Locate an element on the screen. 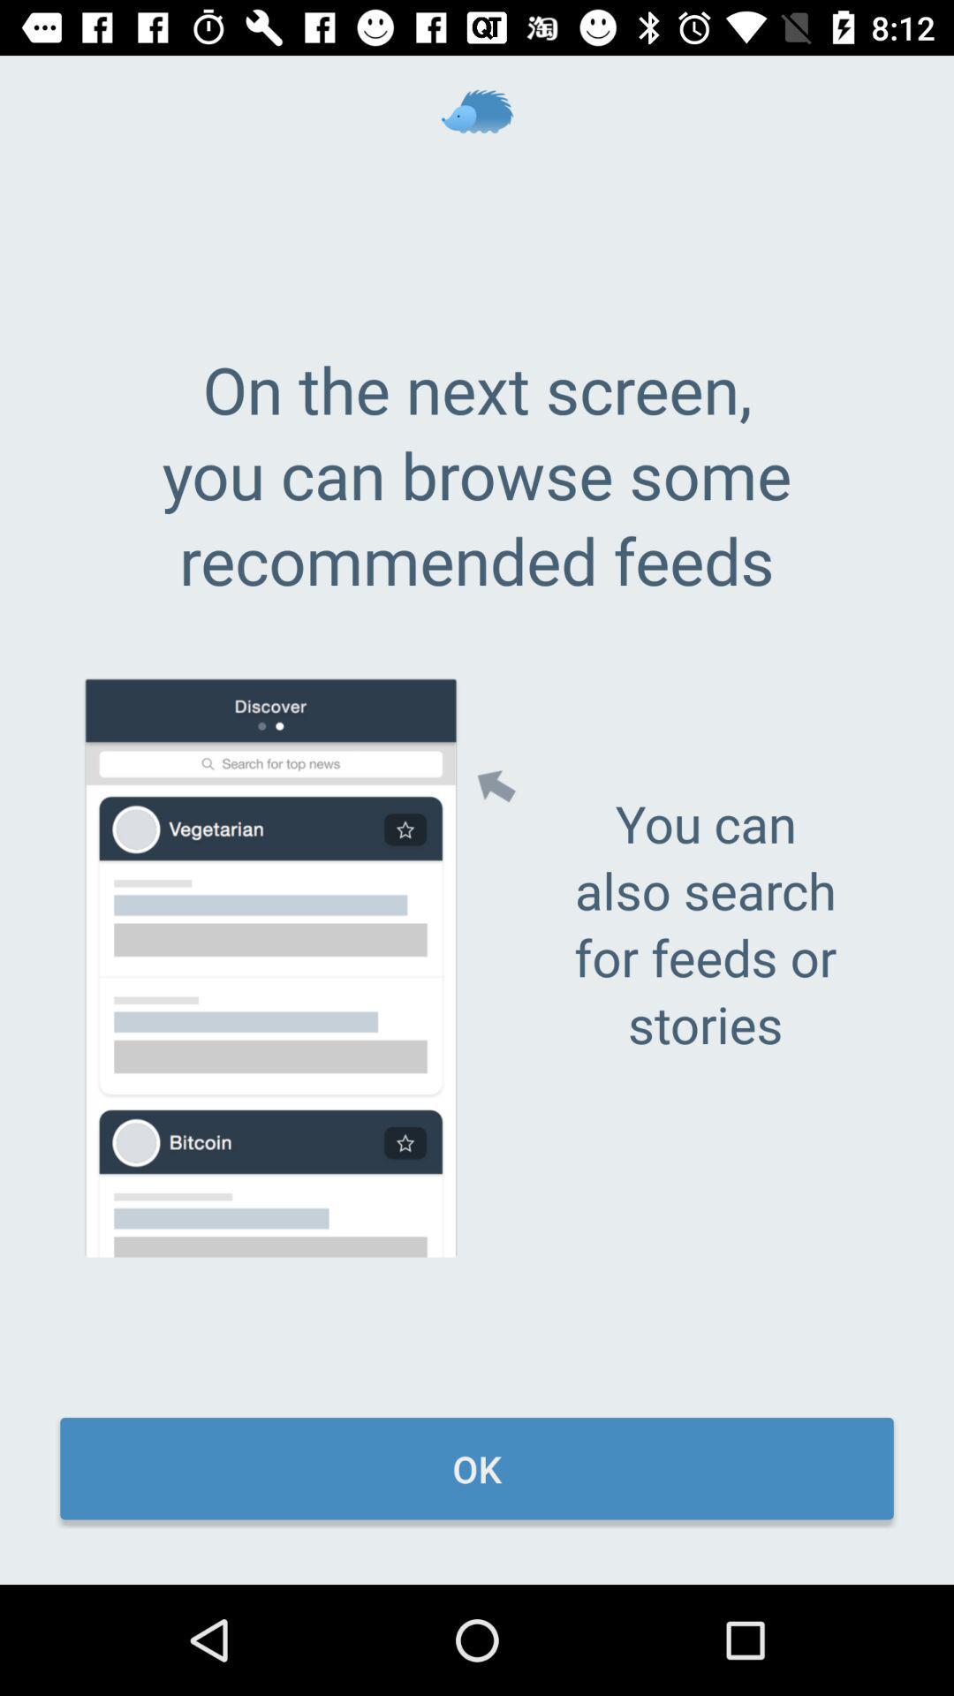 This screenshot has width=954, height=1696. the ok icon is located at coordinates (477, 1468).